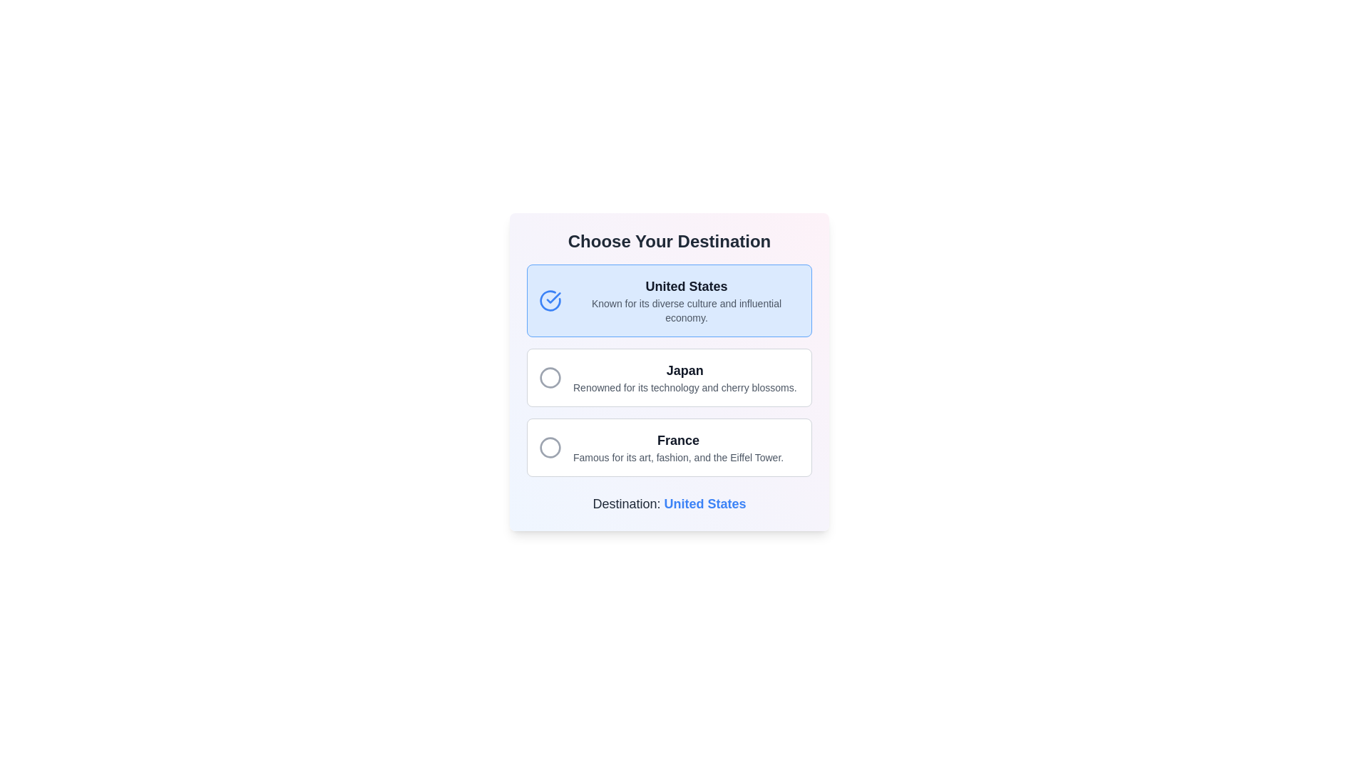 This screenshot has width=1369, height=770. Describe the element at coordinates (669, 370) in the screenshot. I see `a selectable item in the vertical list of options, which features rounded corners, borders, and circular icons for each section` at that location.